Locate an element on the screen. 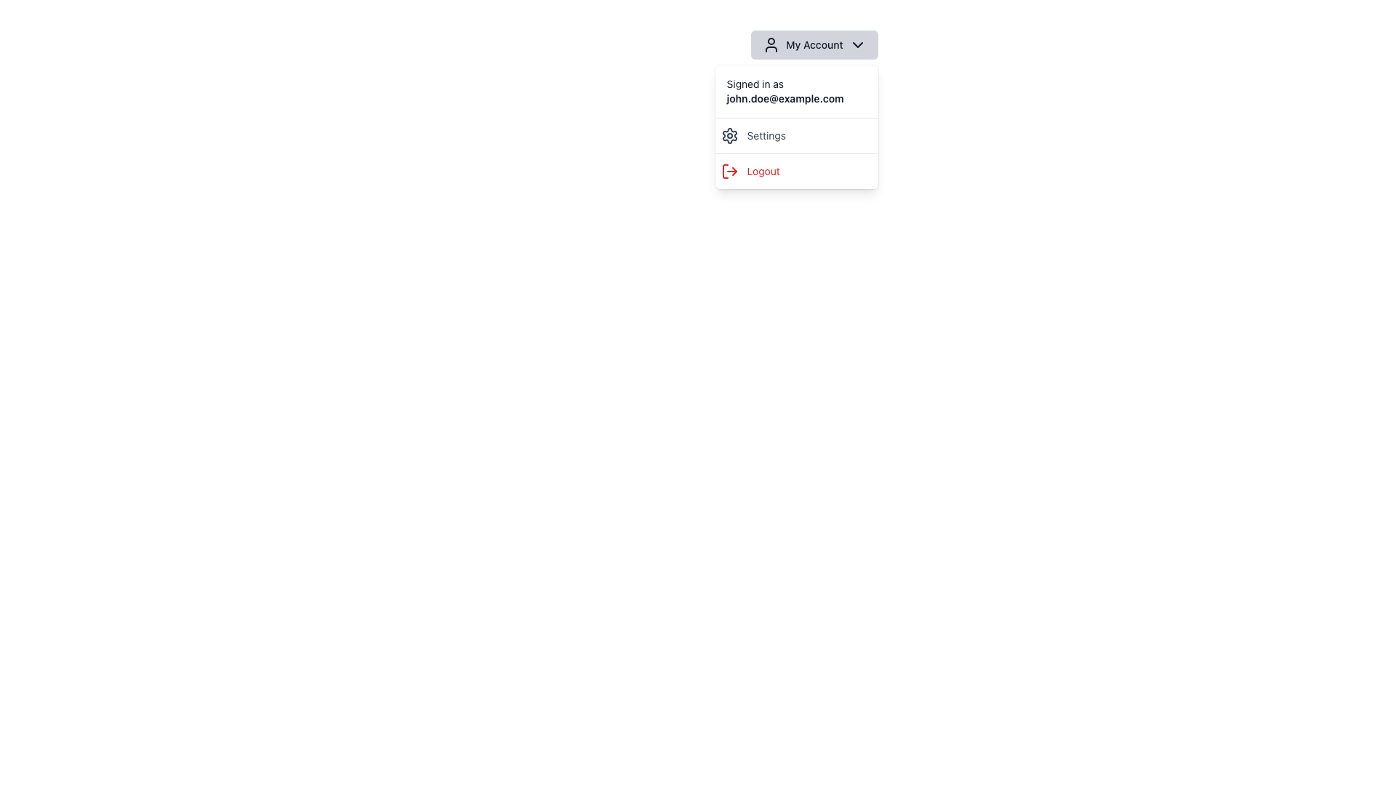 The height and width of the screenshot is (785, 1396). the 'Settings' icon located to the left of the 'Settings' menu item within the dropdown menu is located at coordinates (729, 135).